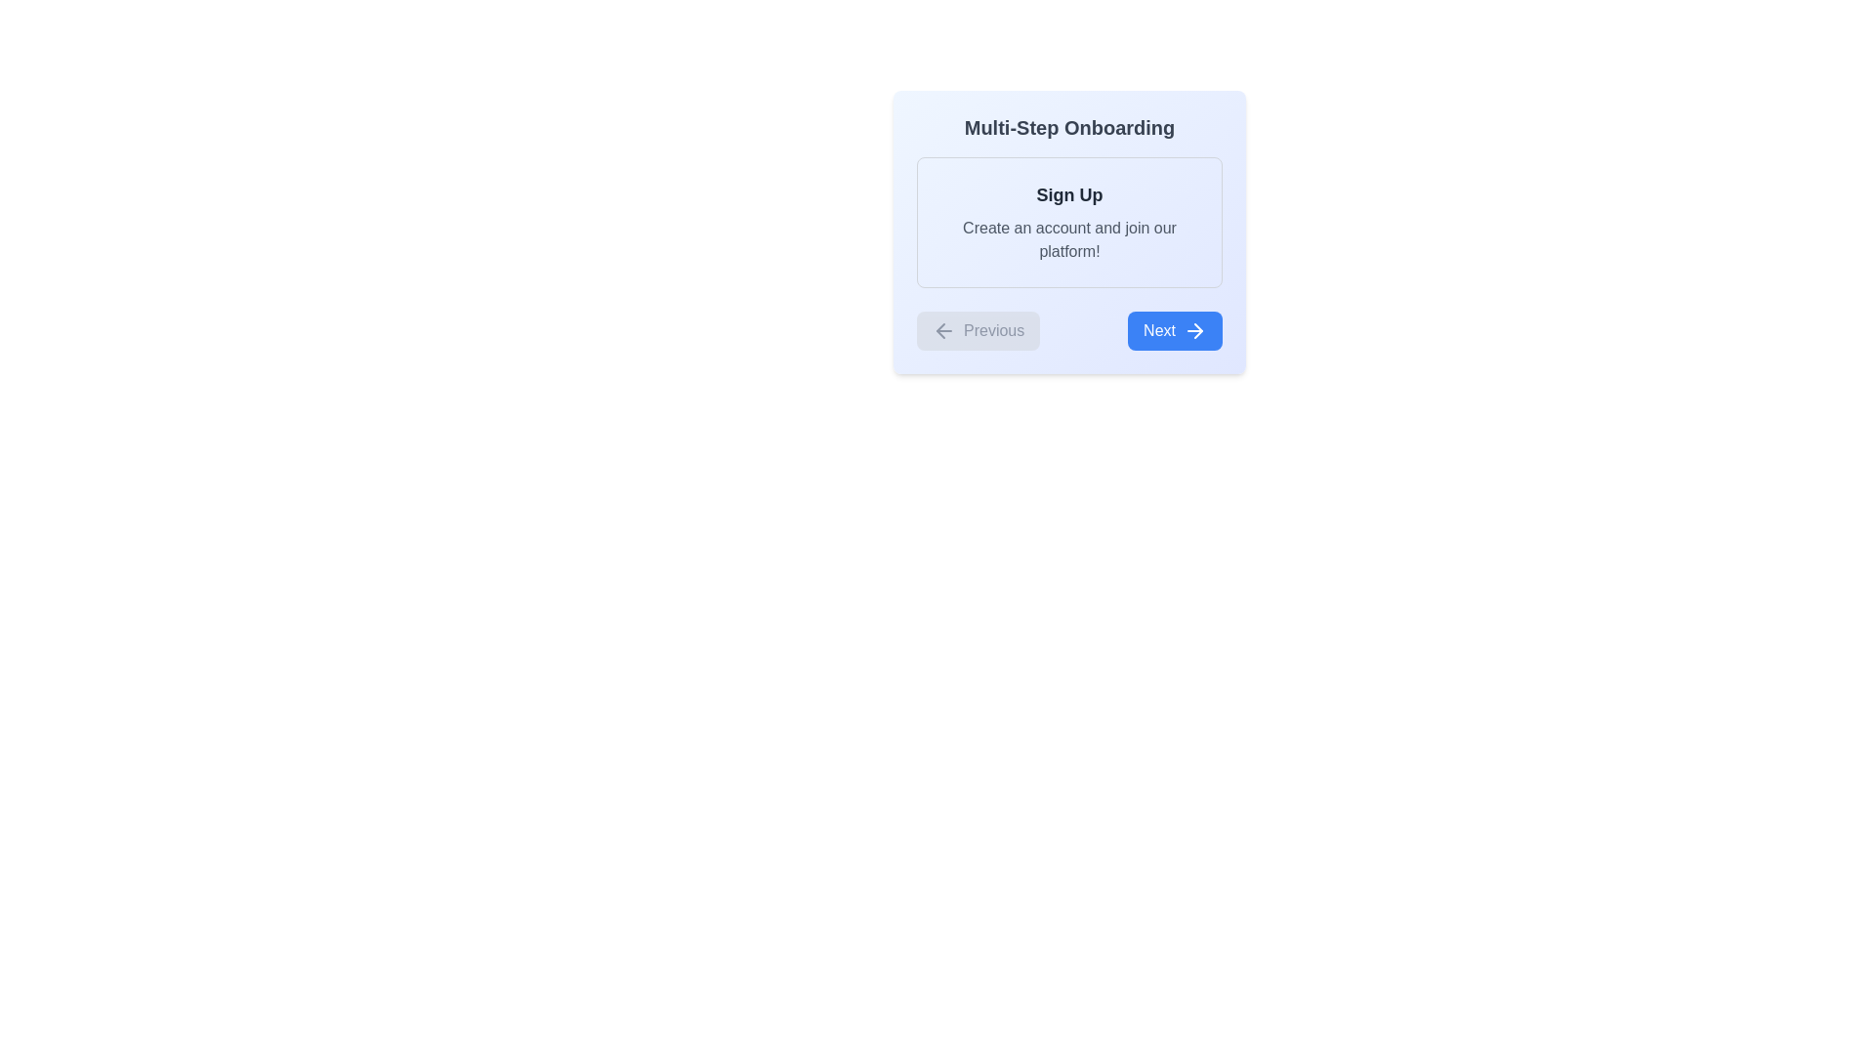  I want to click on the 'Previous' button with a light gray background and left arrow icon to go to the previous step, so click(979, 330).